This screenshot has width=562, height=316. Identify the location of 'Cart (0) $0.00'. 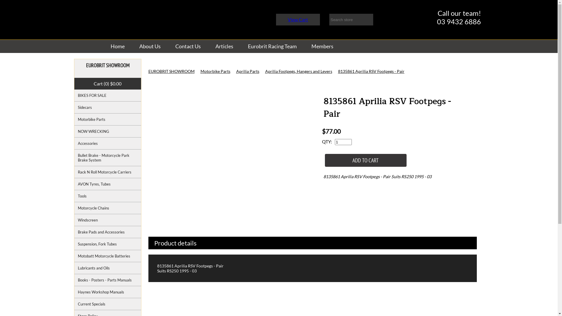
(74, 83).